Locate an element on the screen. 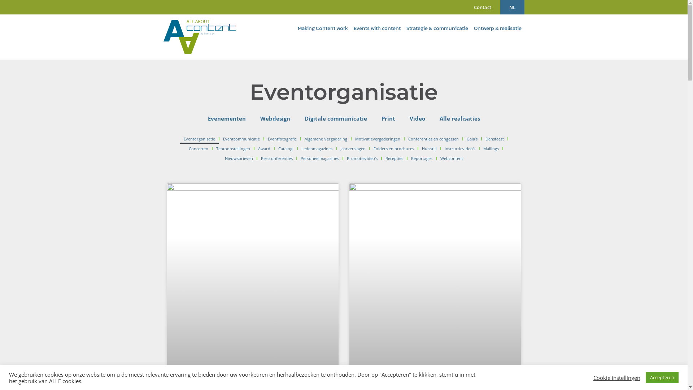 The height and width of the screenshot is (390, 693). 'Eventcommunicatie' is located at coordinates (241, 139).